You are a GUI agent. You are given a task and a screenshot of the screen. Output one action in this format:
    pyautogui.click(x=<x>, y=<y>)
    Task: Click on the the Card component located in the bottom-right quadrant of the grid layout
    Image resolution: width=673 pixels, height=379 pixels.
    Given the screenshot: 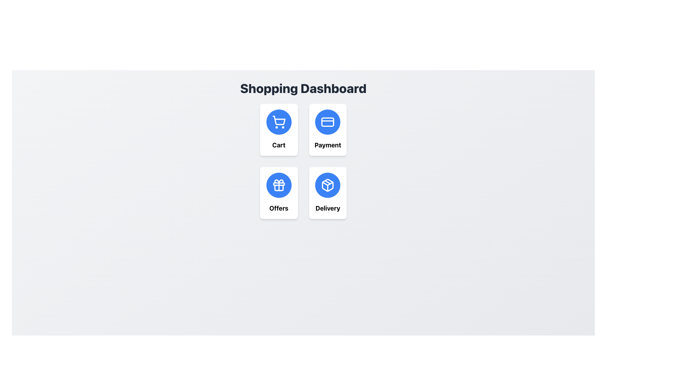 What is the action you would take?
    pyautogui.click(x=327, y=193)
    